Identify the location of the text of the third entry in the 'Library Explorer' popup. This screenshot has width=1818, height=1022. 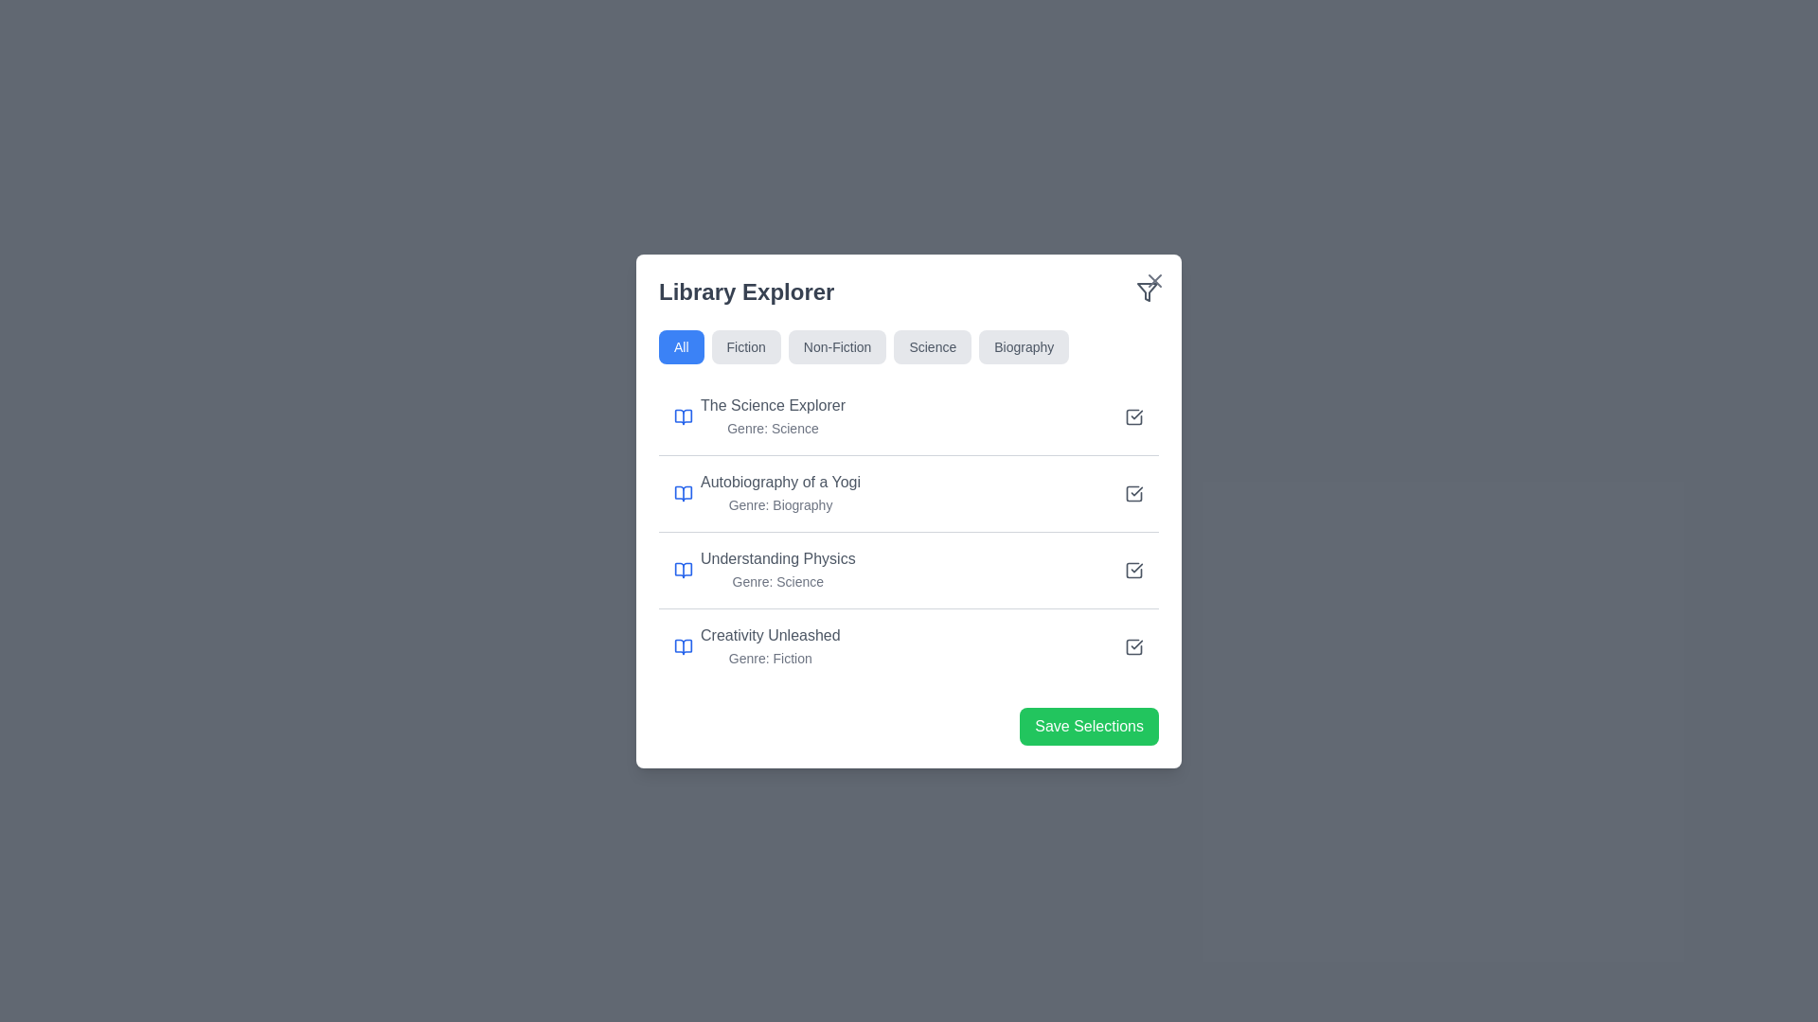
(764, 569).